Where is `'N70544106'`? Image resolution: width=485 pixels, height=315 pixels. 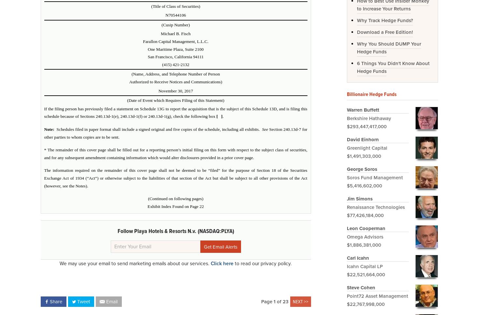 'N70544106' is located at coordinates (176, 15).